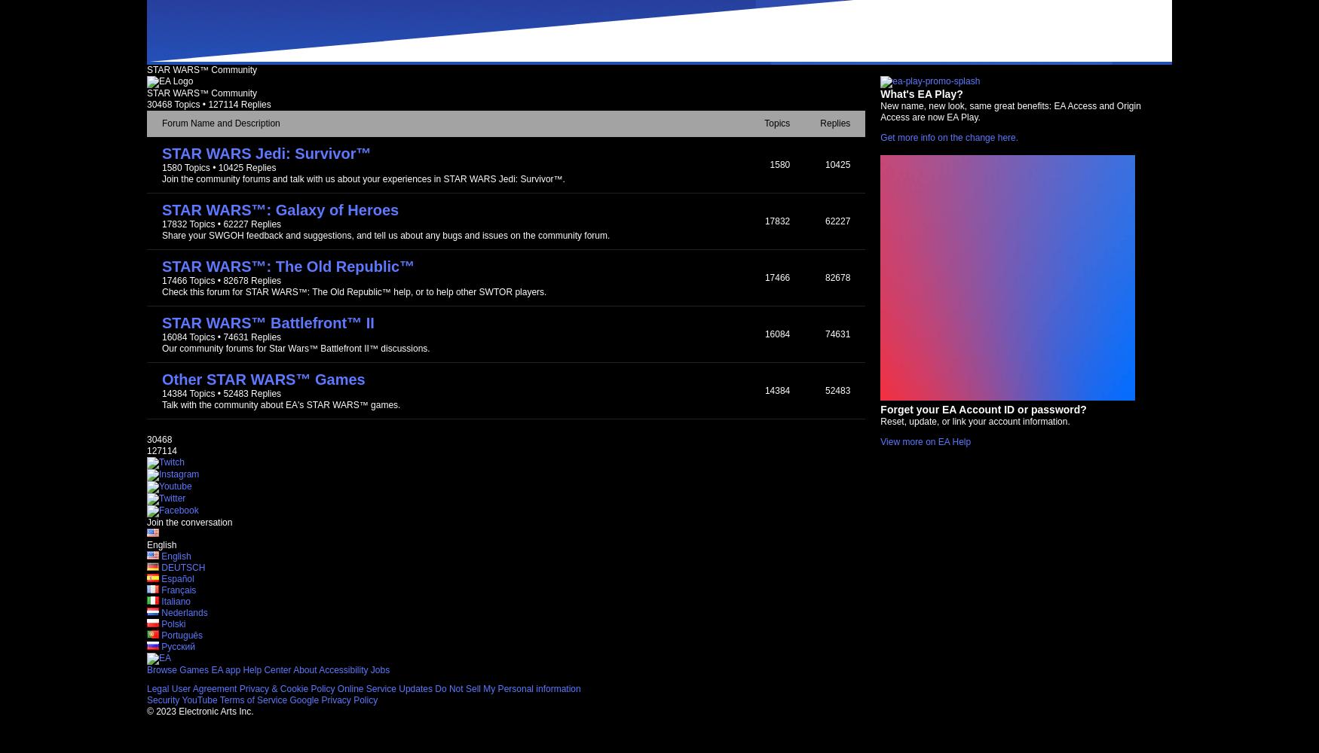 Image resolution: width=1319 pixels, height=753 pixels. Describe the element at coordinates (162, 348) in the screenshot. I see `'Our community forums for Star Wars™ Battlefront II™ discussions.'` at that location.